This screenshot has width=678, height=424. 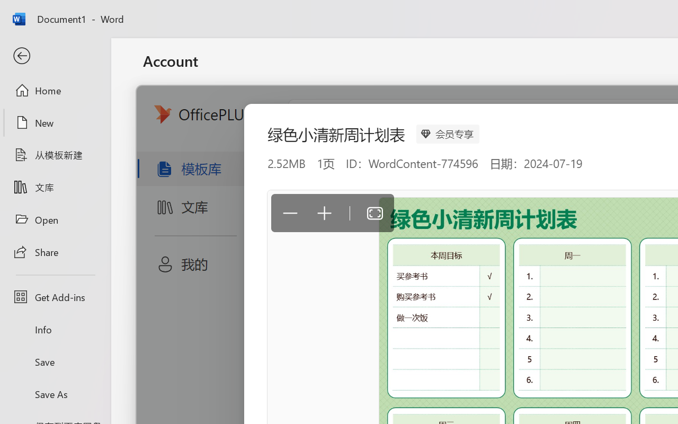 What do you see at coordinates (55, 297) in the screenshot?
I see `'Get Add-ins'` at bounding box center [55, 297].